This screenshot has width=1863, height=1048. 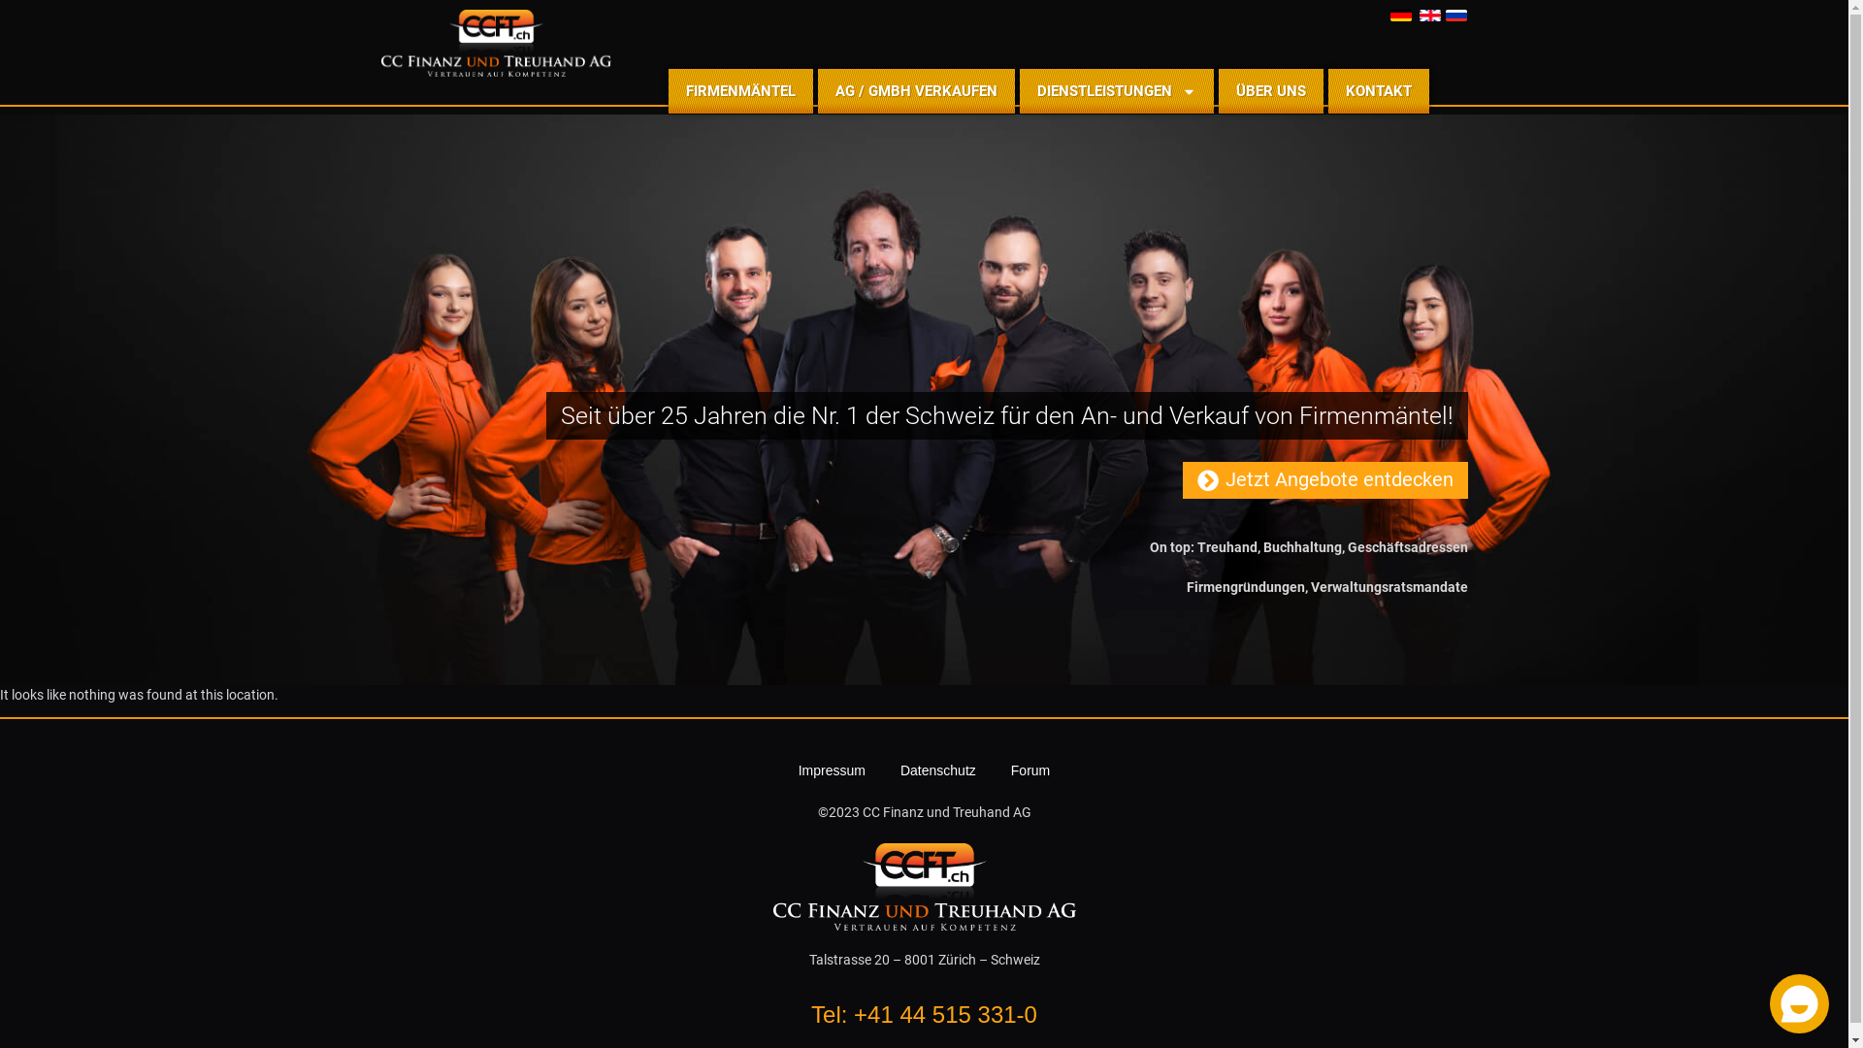 I want to click on 'AG / GMBH VERKAUFEN', so click(x=915, y=90).